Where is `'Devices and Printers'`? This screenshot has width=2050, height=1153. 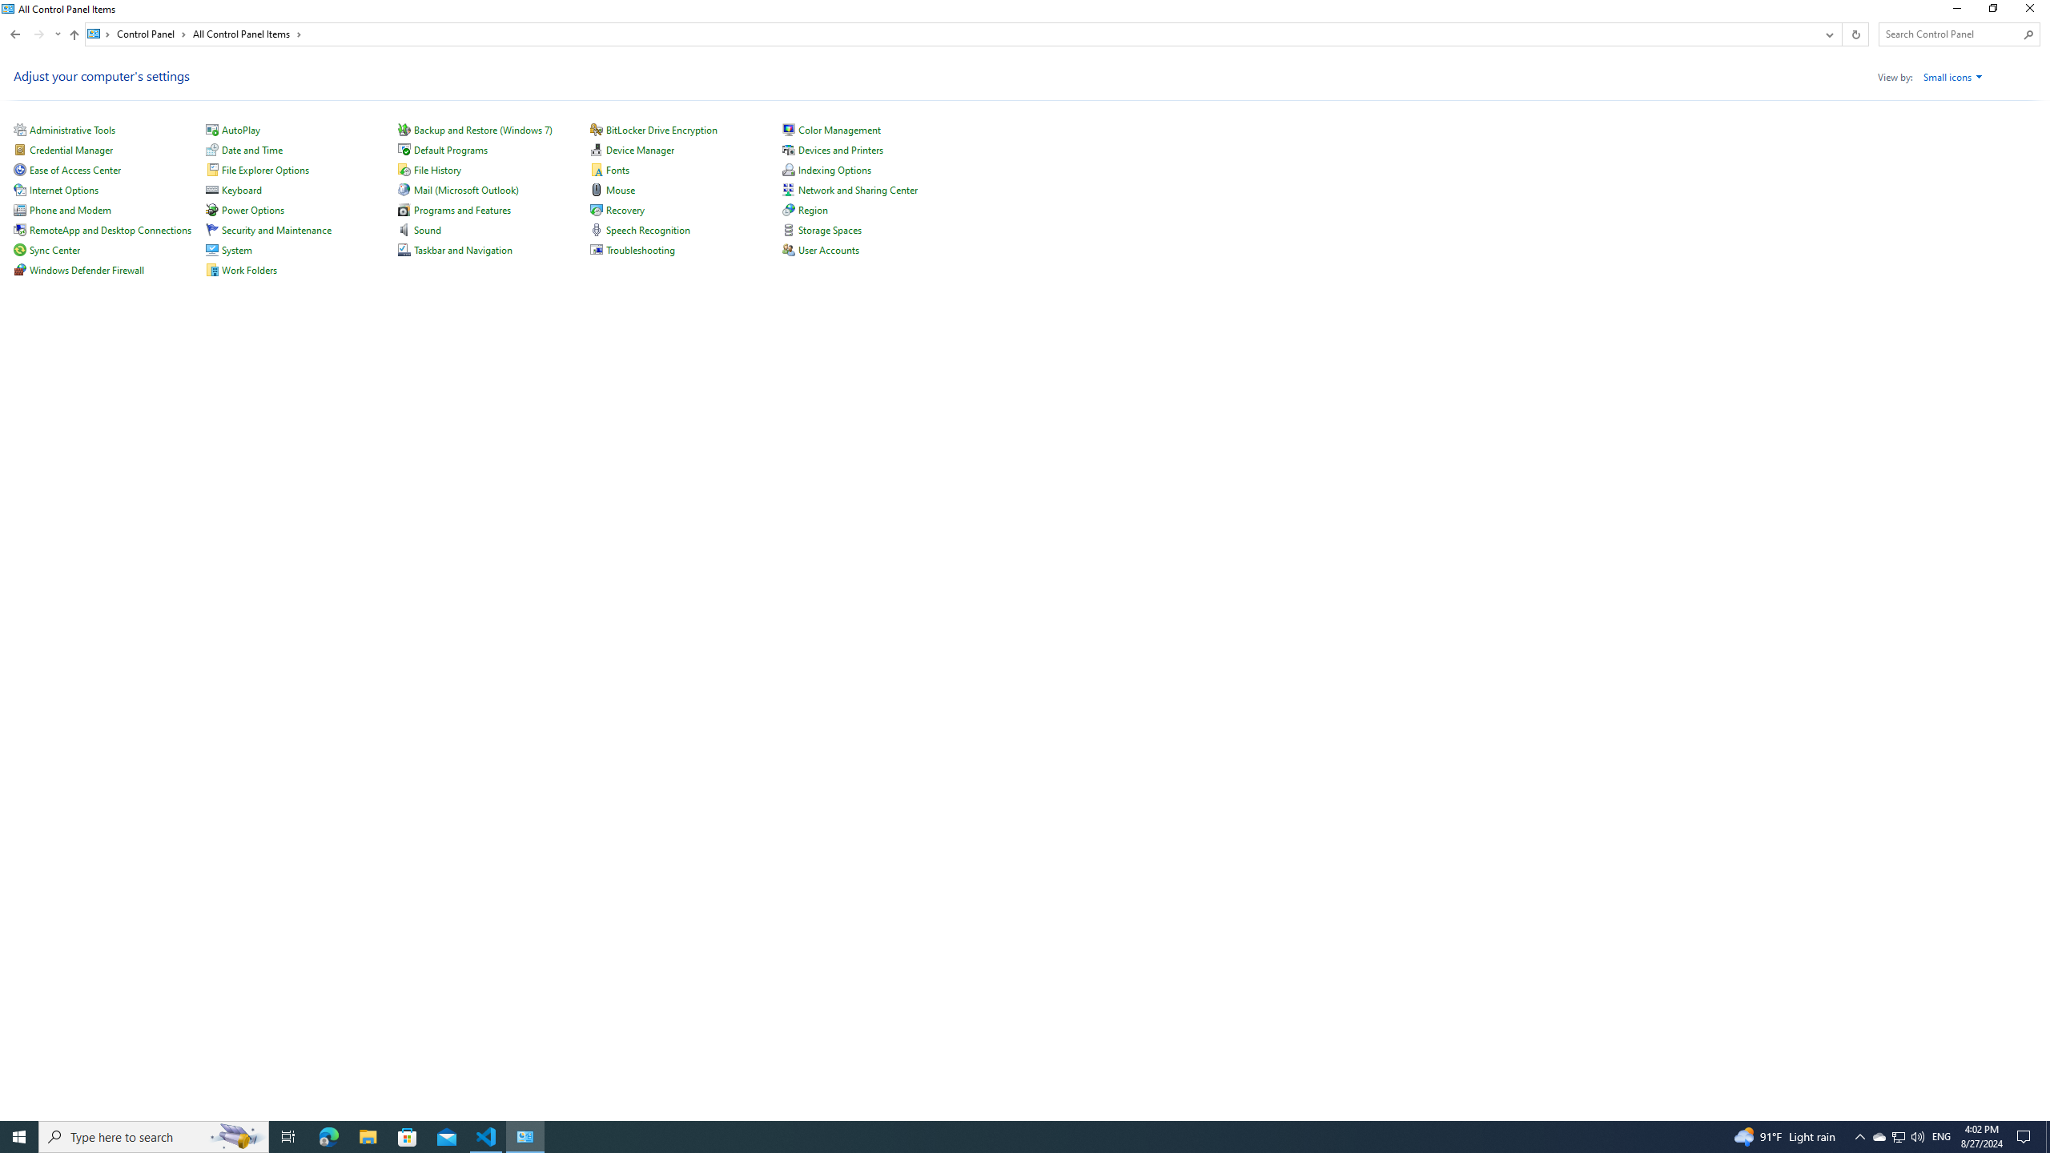 'Devices and Printers' is located at coordinates (840, 150).